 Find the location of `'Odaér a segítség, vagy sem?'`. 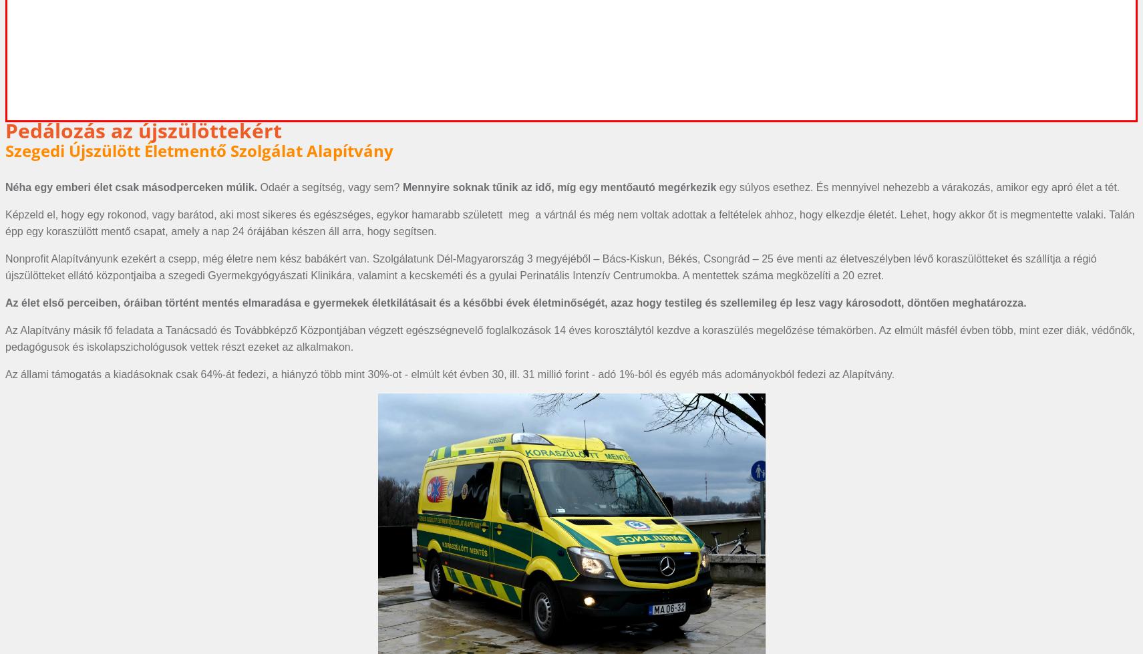

'Odaér a segítség, vagy sem?' is located at coordinates (331, 186).